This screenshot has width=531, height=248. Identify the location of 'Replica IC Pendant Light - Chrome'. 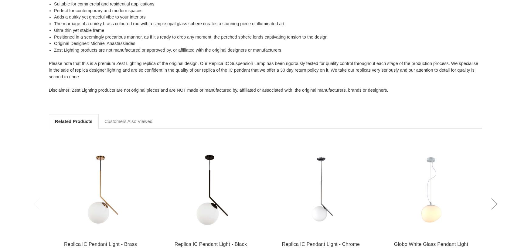
(321, 244).